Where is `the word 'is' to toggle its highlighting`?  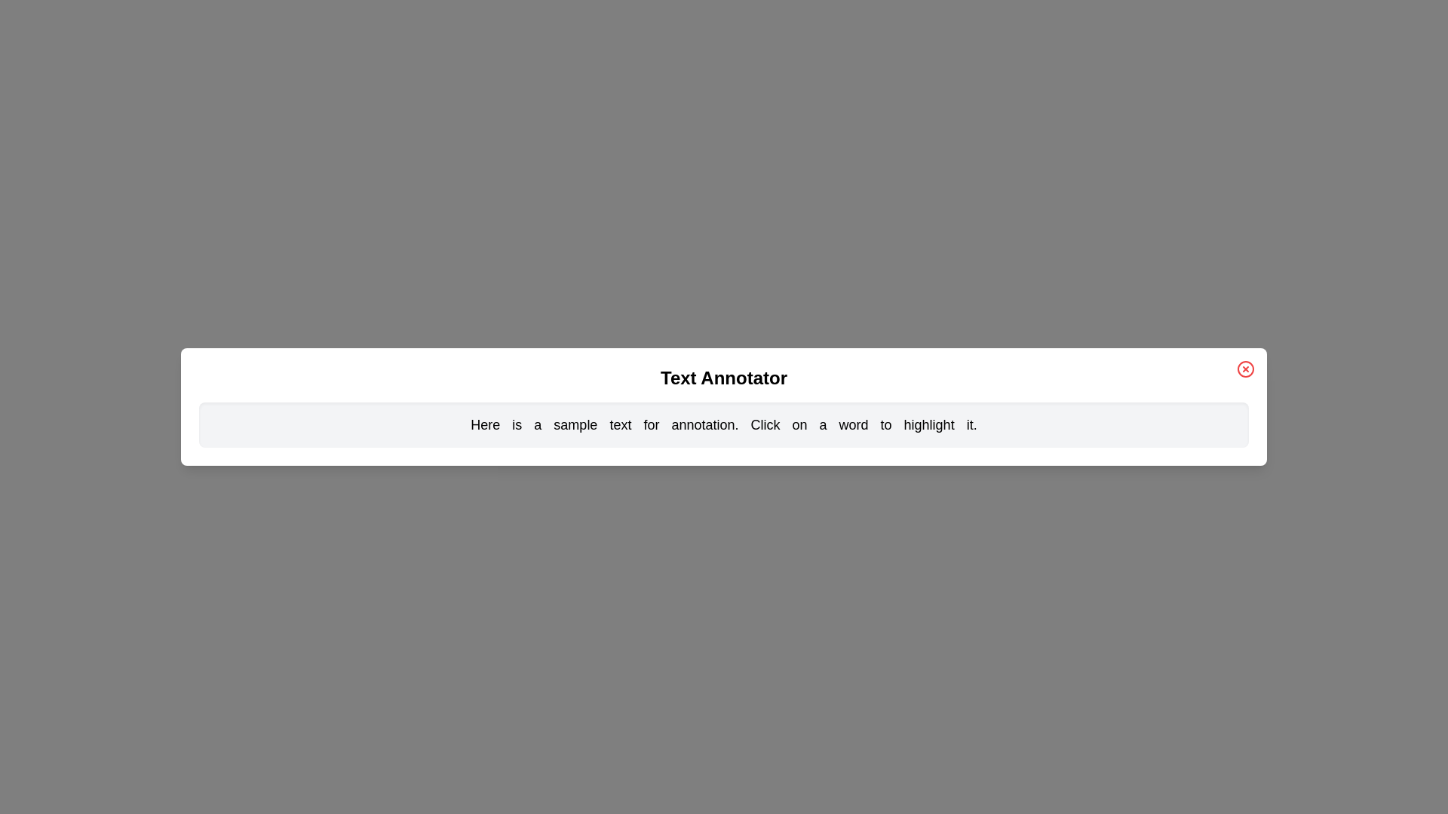 the word 'is' to toggle its highlighting is located at coordinates (517, 424).